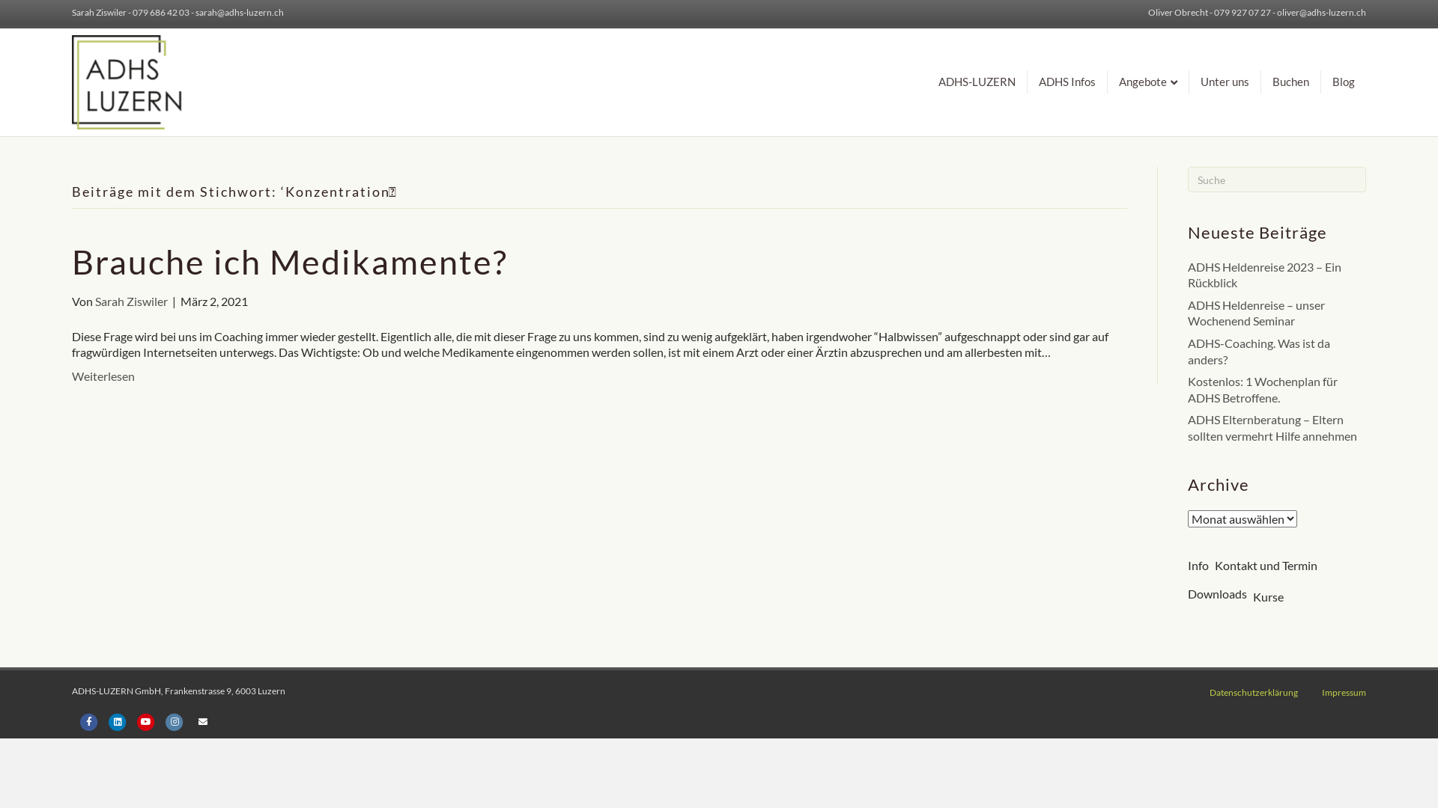 The image size is (1438, 808). I want to click on 'Linkedin', so click(117, 720).